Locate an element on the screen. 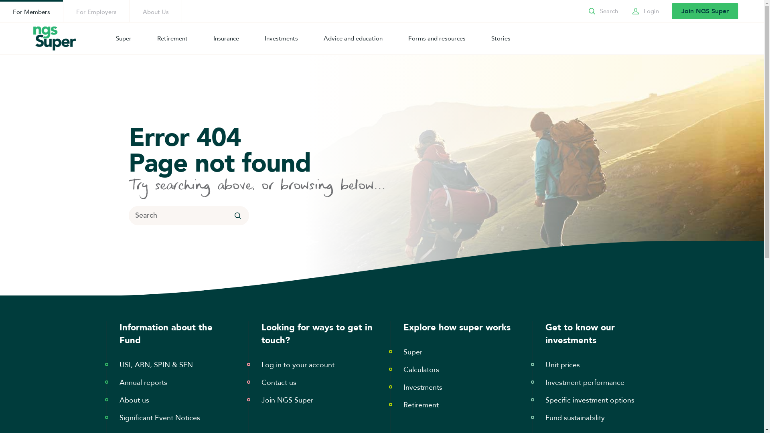  'About us' is located at coordinates (134, 400).